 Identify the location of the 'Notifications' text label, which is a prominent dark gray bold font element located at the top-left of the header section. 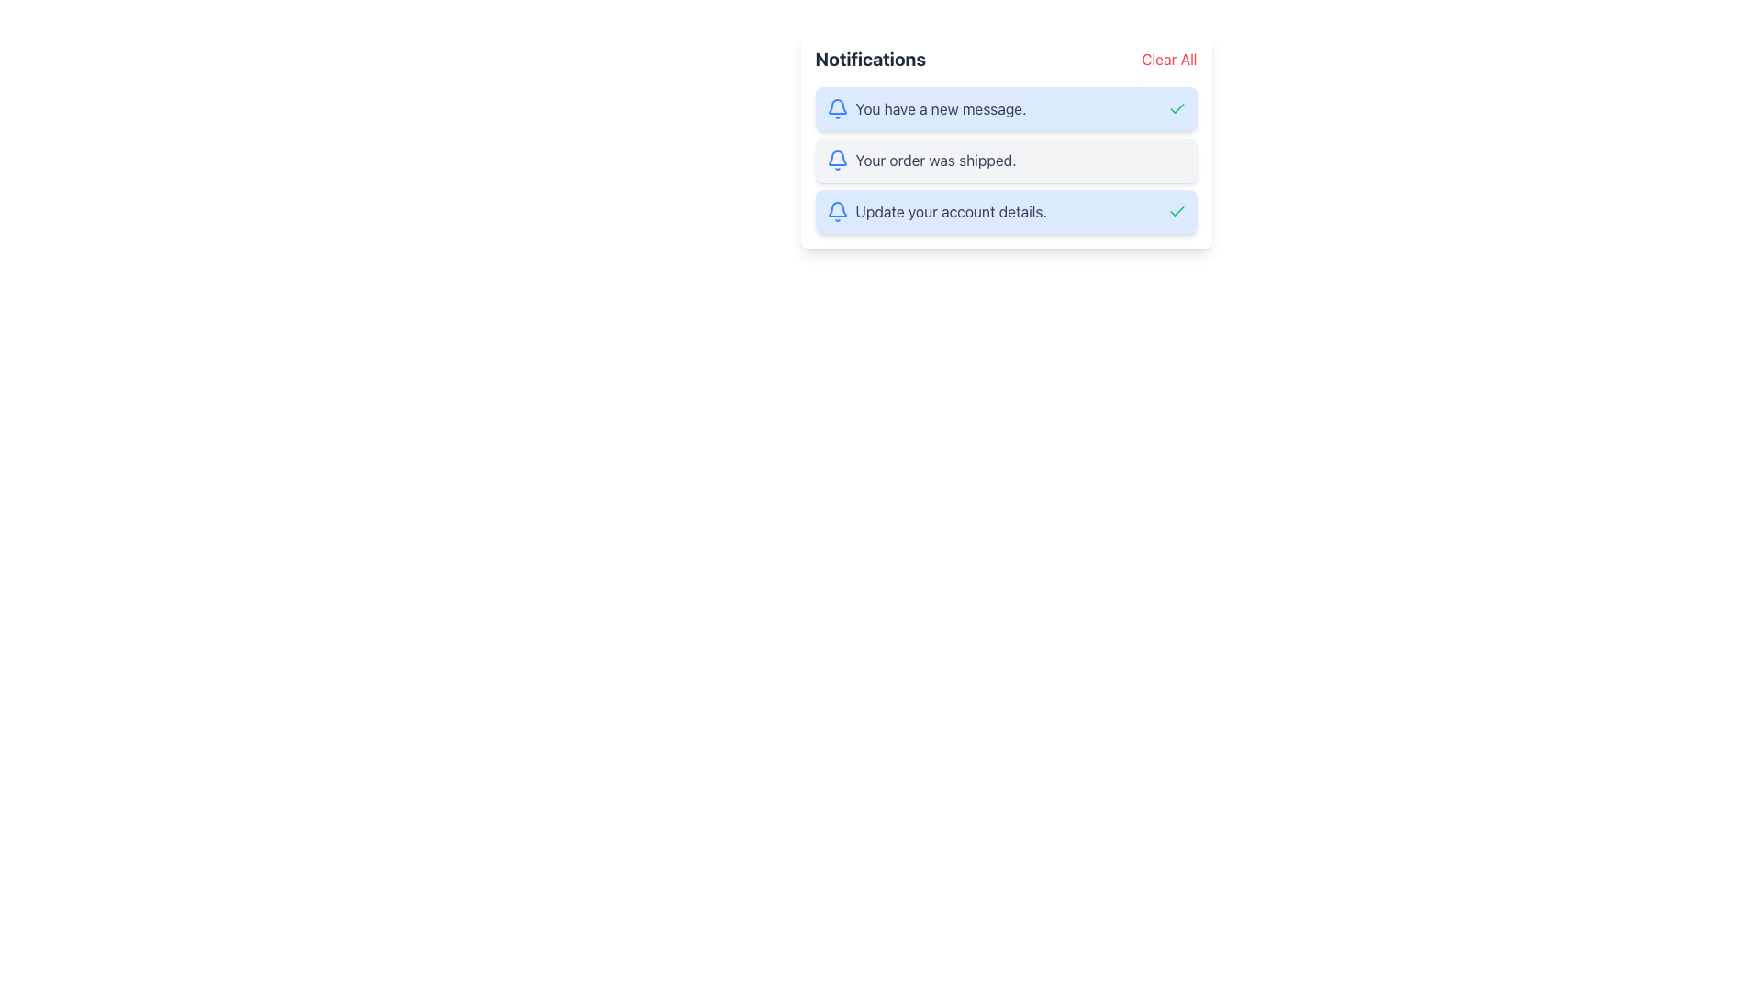
(869, 59).